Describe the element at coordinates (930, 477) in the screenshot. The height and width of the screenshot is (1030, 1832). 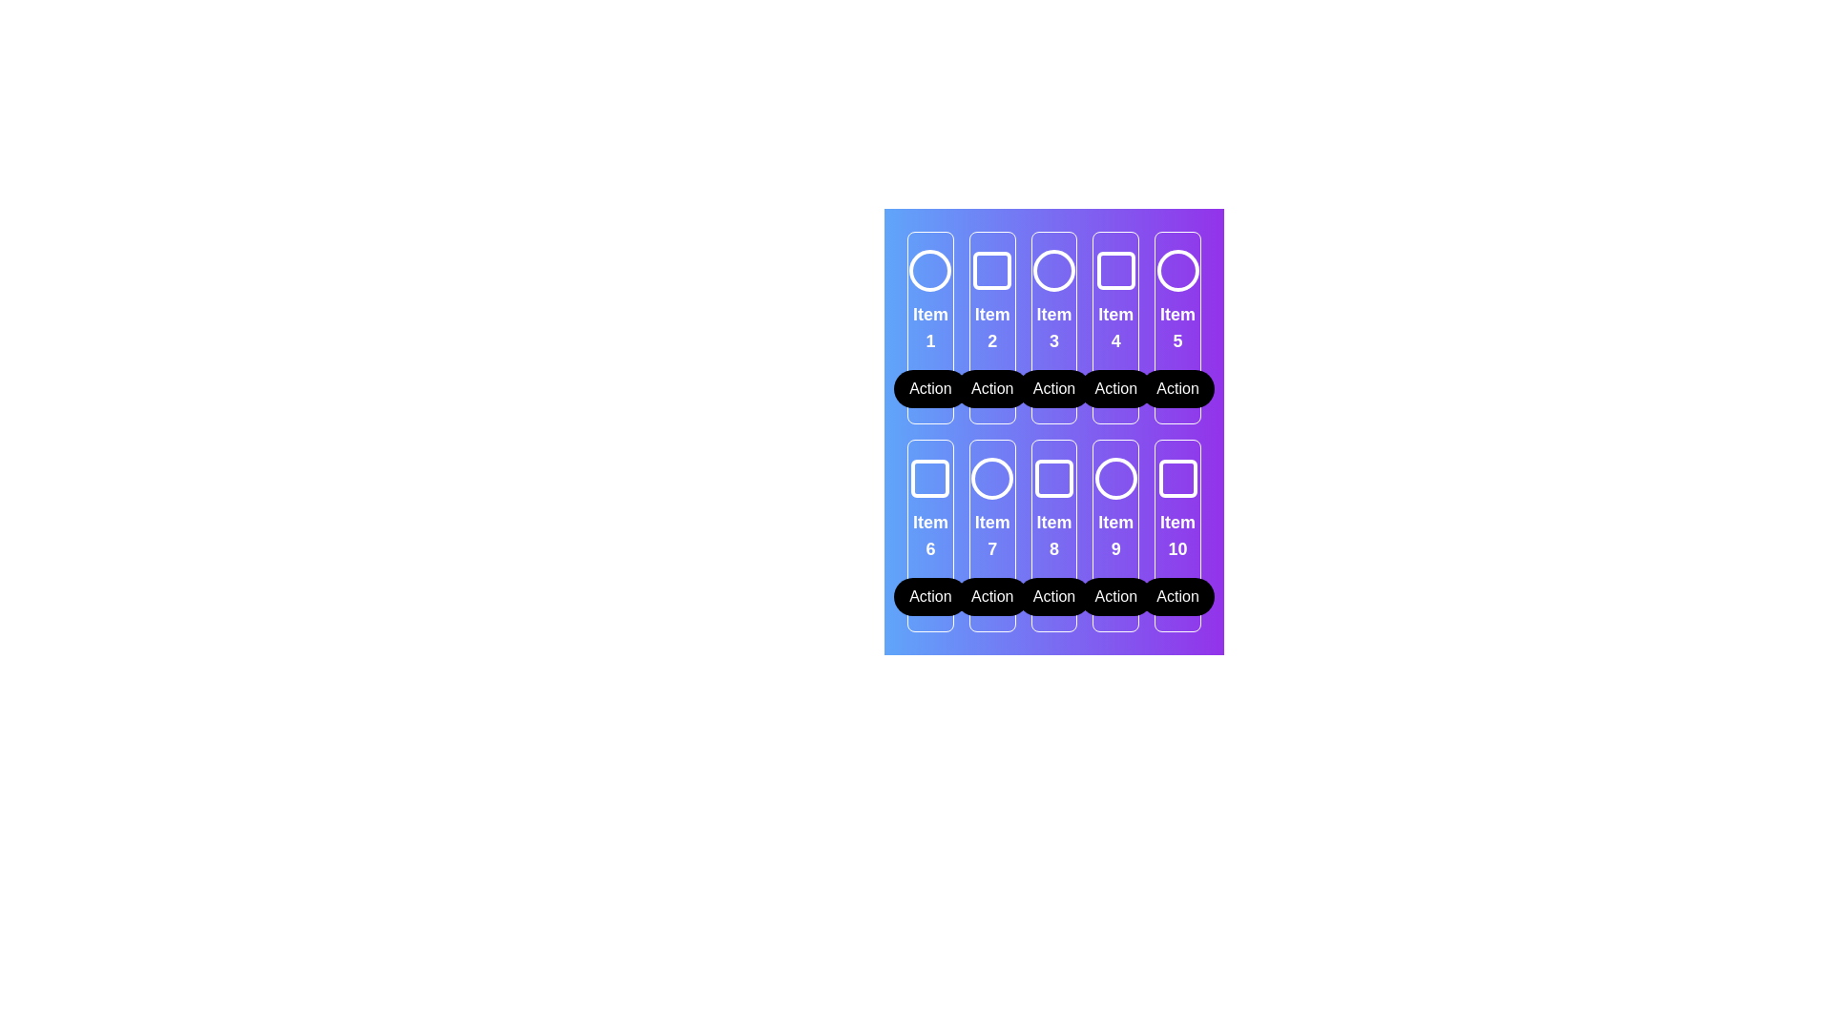
I see `the decorative or placeholder graphical element located in the second row, first column of the grid layout` at that location.